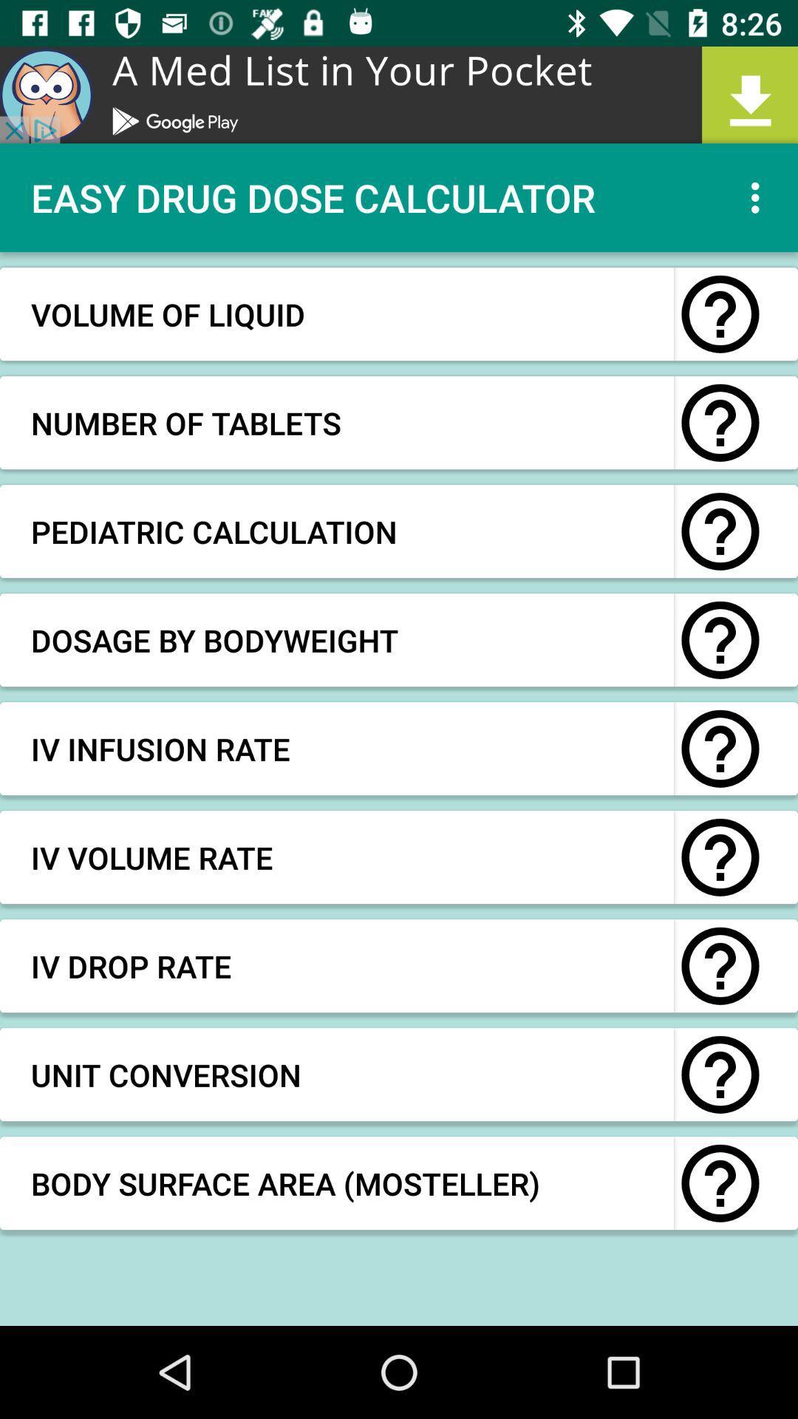 The width and height of the screenshot is (798, 1419). Describe the element at coordinates (720, 640) in the screenshot. I see `show information` at that location.